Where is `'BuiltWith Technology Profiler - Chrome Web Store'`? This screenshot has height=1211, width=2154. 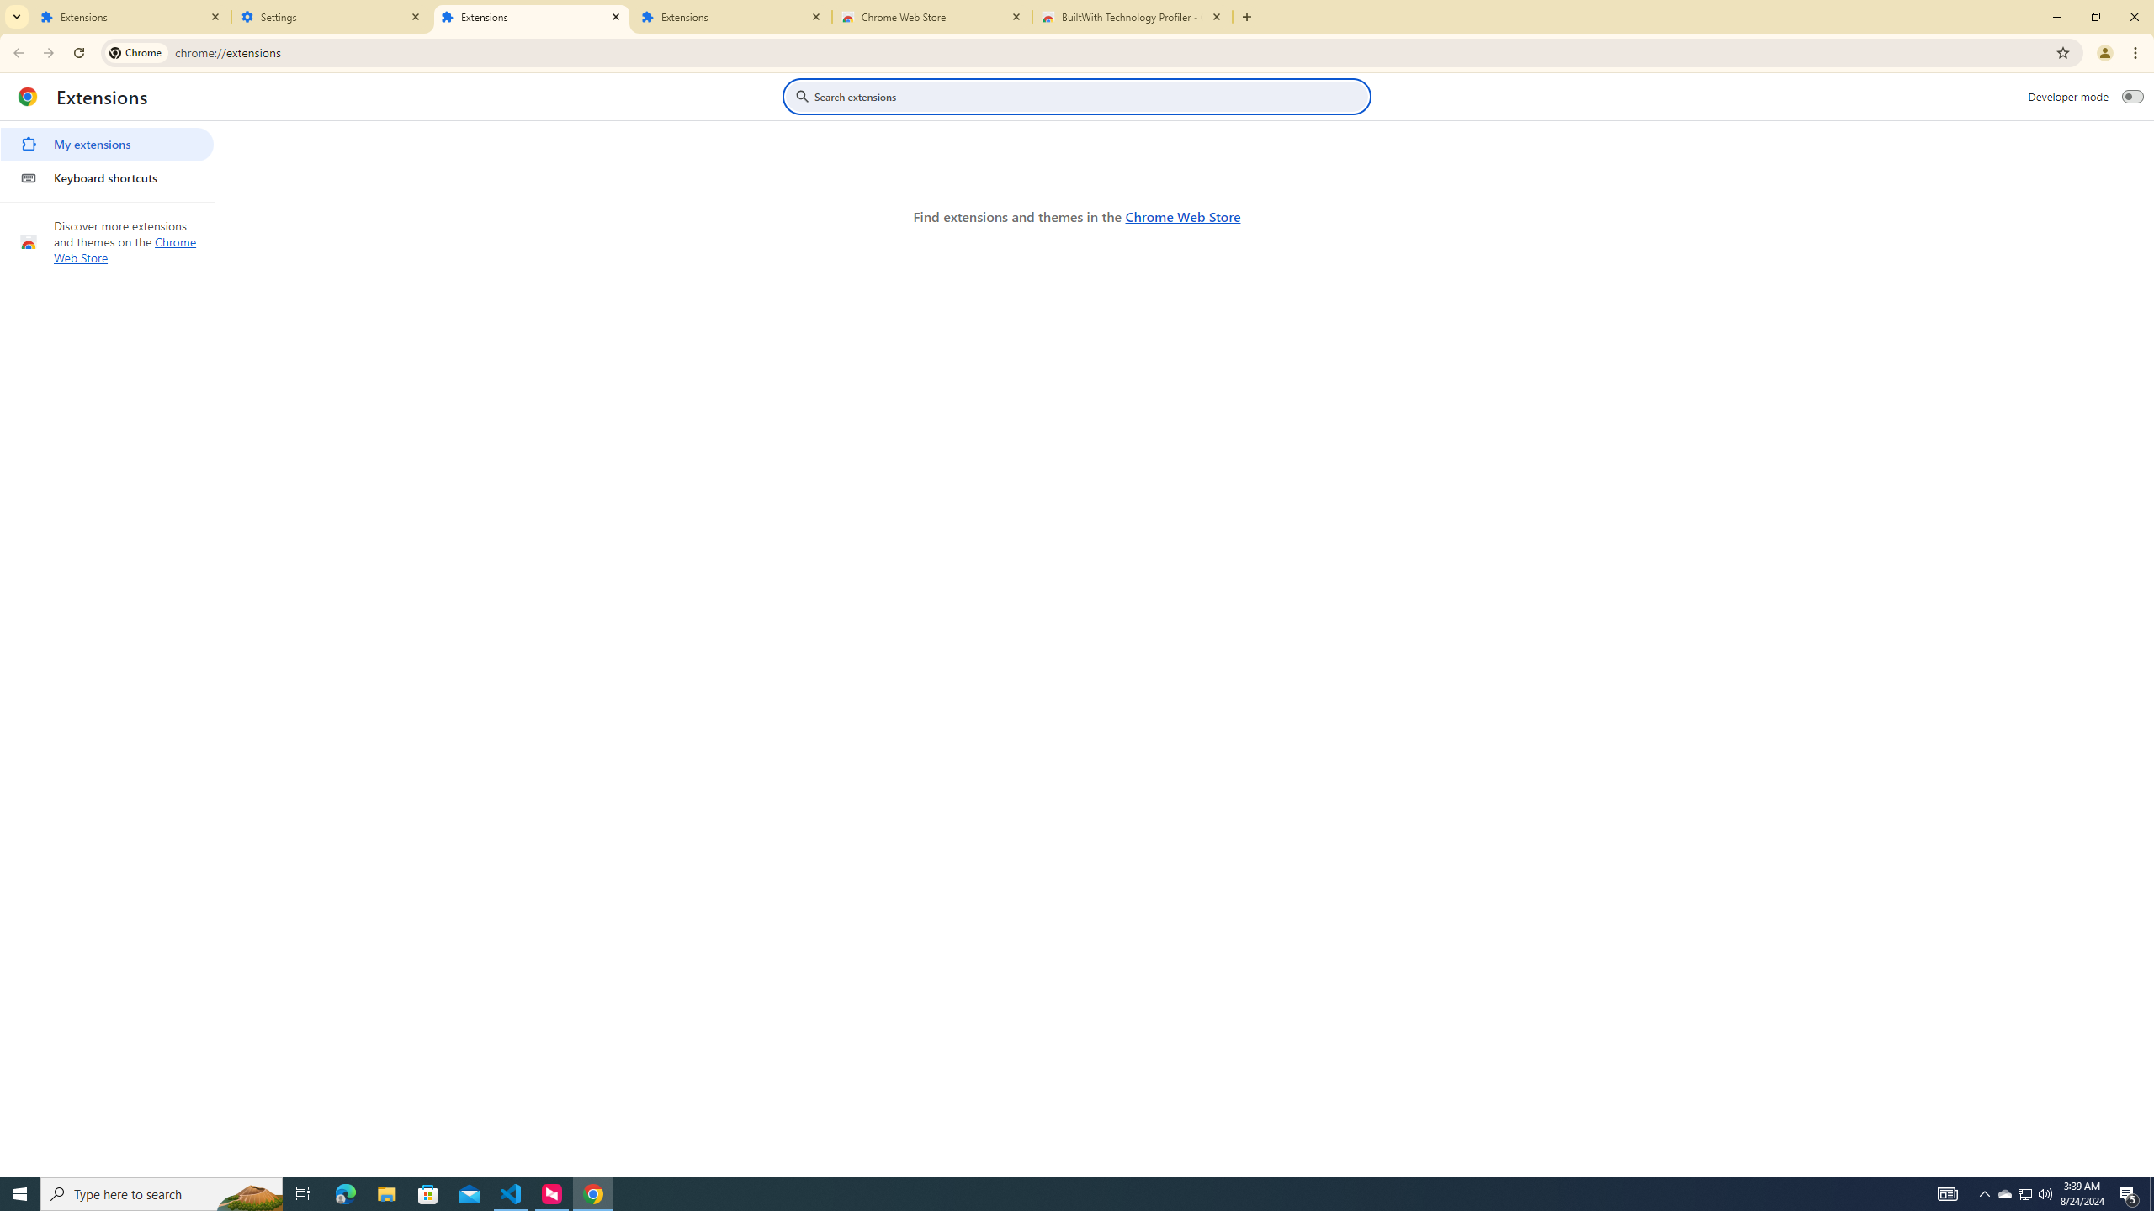 'BuiltWith Technology Profiler - Chrome Web Store' is located at coordinates (1132, 16).